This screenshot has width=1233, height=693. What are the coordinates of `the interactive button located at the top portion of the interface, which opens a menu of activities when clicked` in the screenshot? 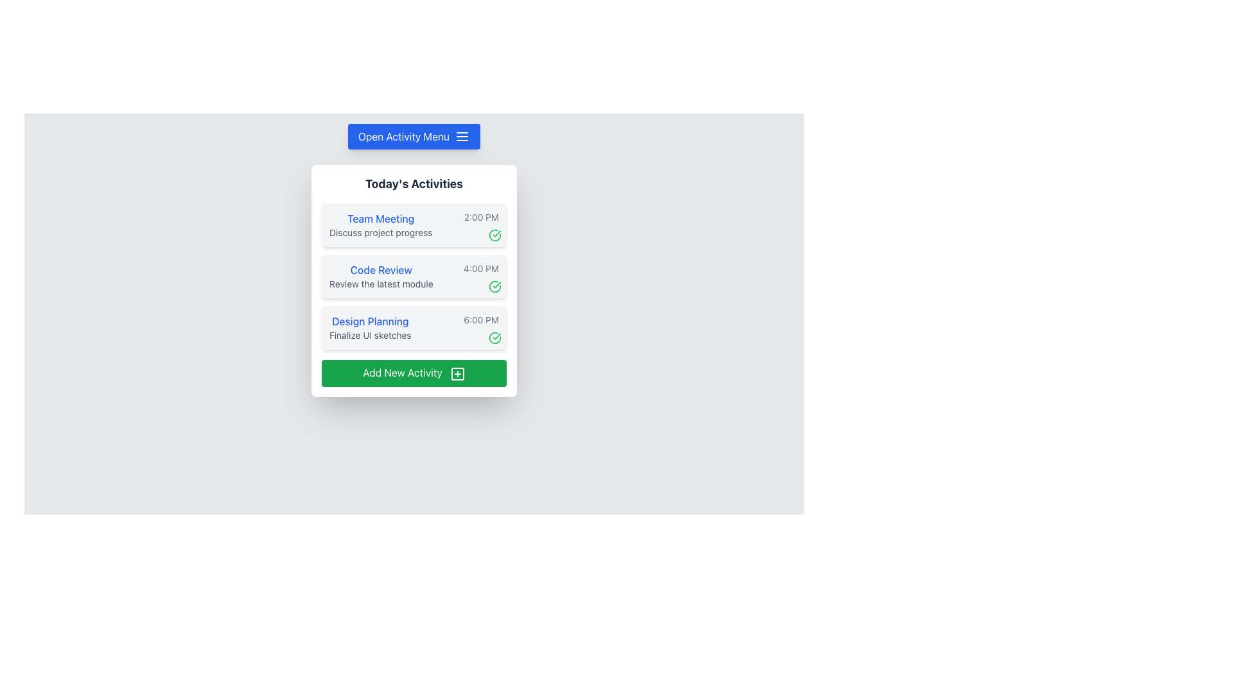 It's located at (414, 136).